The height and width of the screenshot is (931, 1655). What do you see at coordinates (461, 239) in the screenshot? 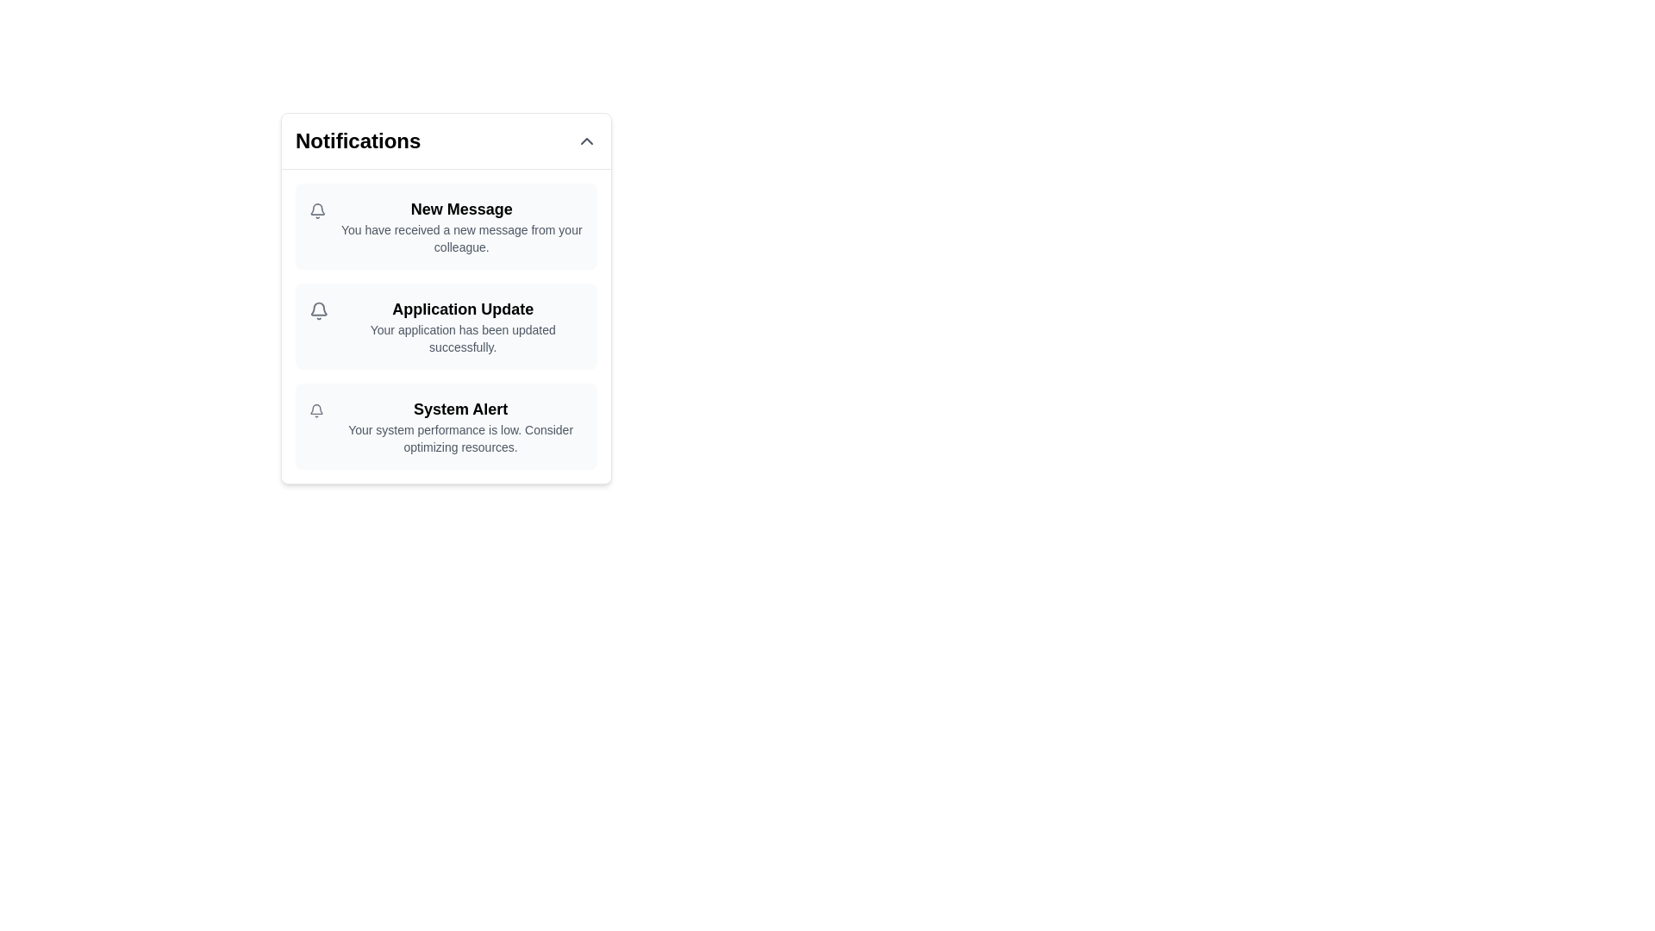
I see `the non-interactive text label that describes a new message notification from a colleague, positioned beneath the 'New Message' title` at bounding box center [461, 239].